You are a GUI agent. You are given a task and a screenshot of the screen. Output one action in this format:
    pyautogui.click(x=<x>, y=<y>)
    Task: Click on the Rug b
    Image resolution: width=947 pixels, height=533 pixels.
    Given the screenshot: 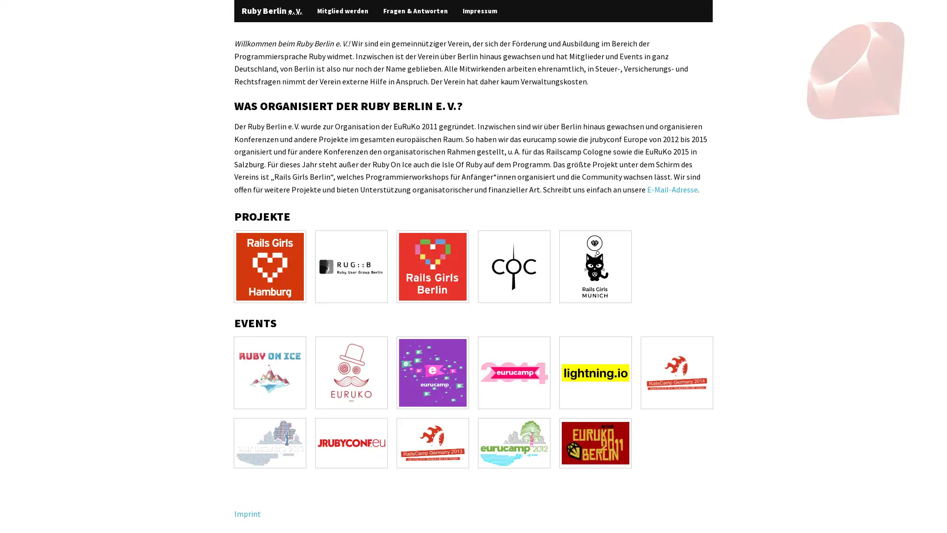 What is the action you would take?
    pyautogui.click(x=351, y=266)
    